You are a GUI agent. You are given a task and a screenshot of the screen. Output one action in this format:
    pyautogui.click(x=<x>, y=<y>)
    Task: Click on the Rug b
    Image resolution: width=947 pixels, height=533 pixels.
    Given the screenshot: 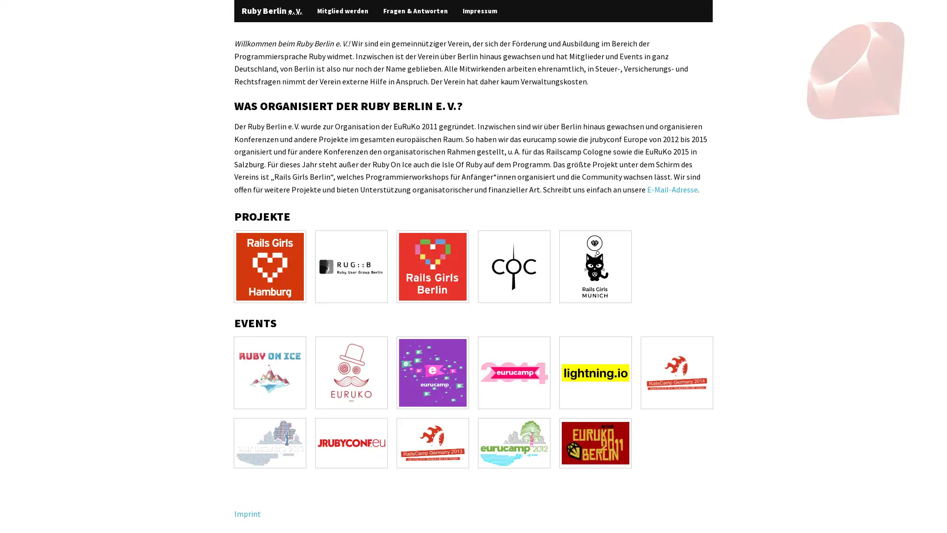 What is the action you would take?
    pyautogui.click(x=351, y=266)
    